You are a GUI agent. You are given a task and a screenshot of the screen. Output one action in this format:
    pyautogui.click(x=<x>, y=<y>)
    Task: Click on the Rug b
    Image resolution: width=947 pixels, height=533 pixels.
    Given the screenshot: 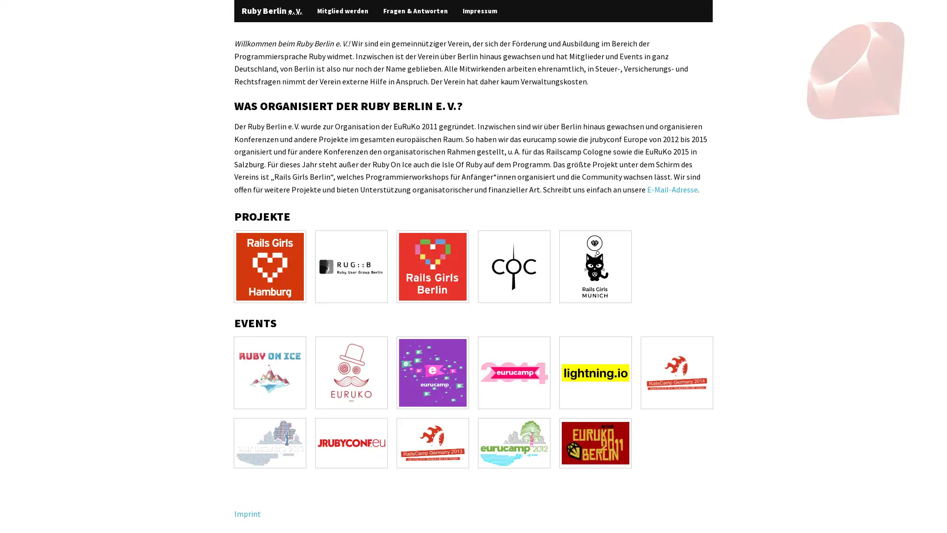 What is the action you would take?
    pyautogui.click(x=351, y=266)
    